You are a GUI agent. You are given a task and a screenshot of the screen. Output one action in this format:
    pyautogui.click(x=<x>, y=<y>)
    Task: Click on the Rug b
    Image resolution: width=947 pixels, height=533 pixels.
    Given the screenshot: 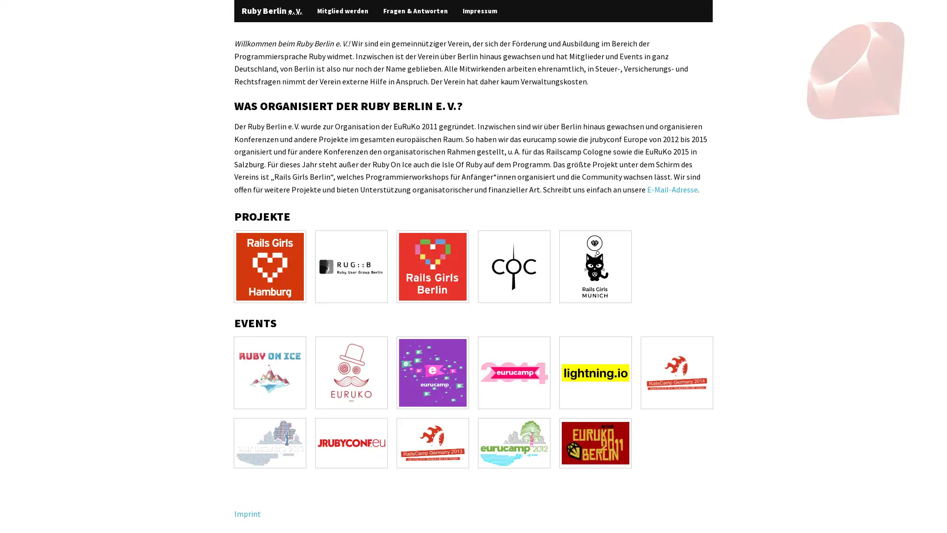 What is the action you would take?
    pyautogui.click(x=351, y=266)
    